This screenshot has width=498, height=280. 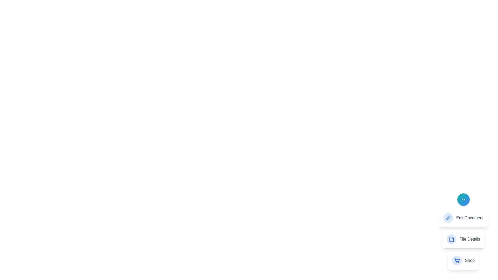 What do you see at coordinates (463, 218) in the screenshot?
I see `the Edit Document in the speed dial menu` at bounding box center [463, 218].